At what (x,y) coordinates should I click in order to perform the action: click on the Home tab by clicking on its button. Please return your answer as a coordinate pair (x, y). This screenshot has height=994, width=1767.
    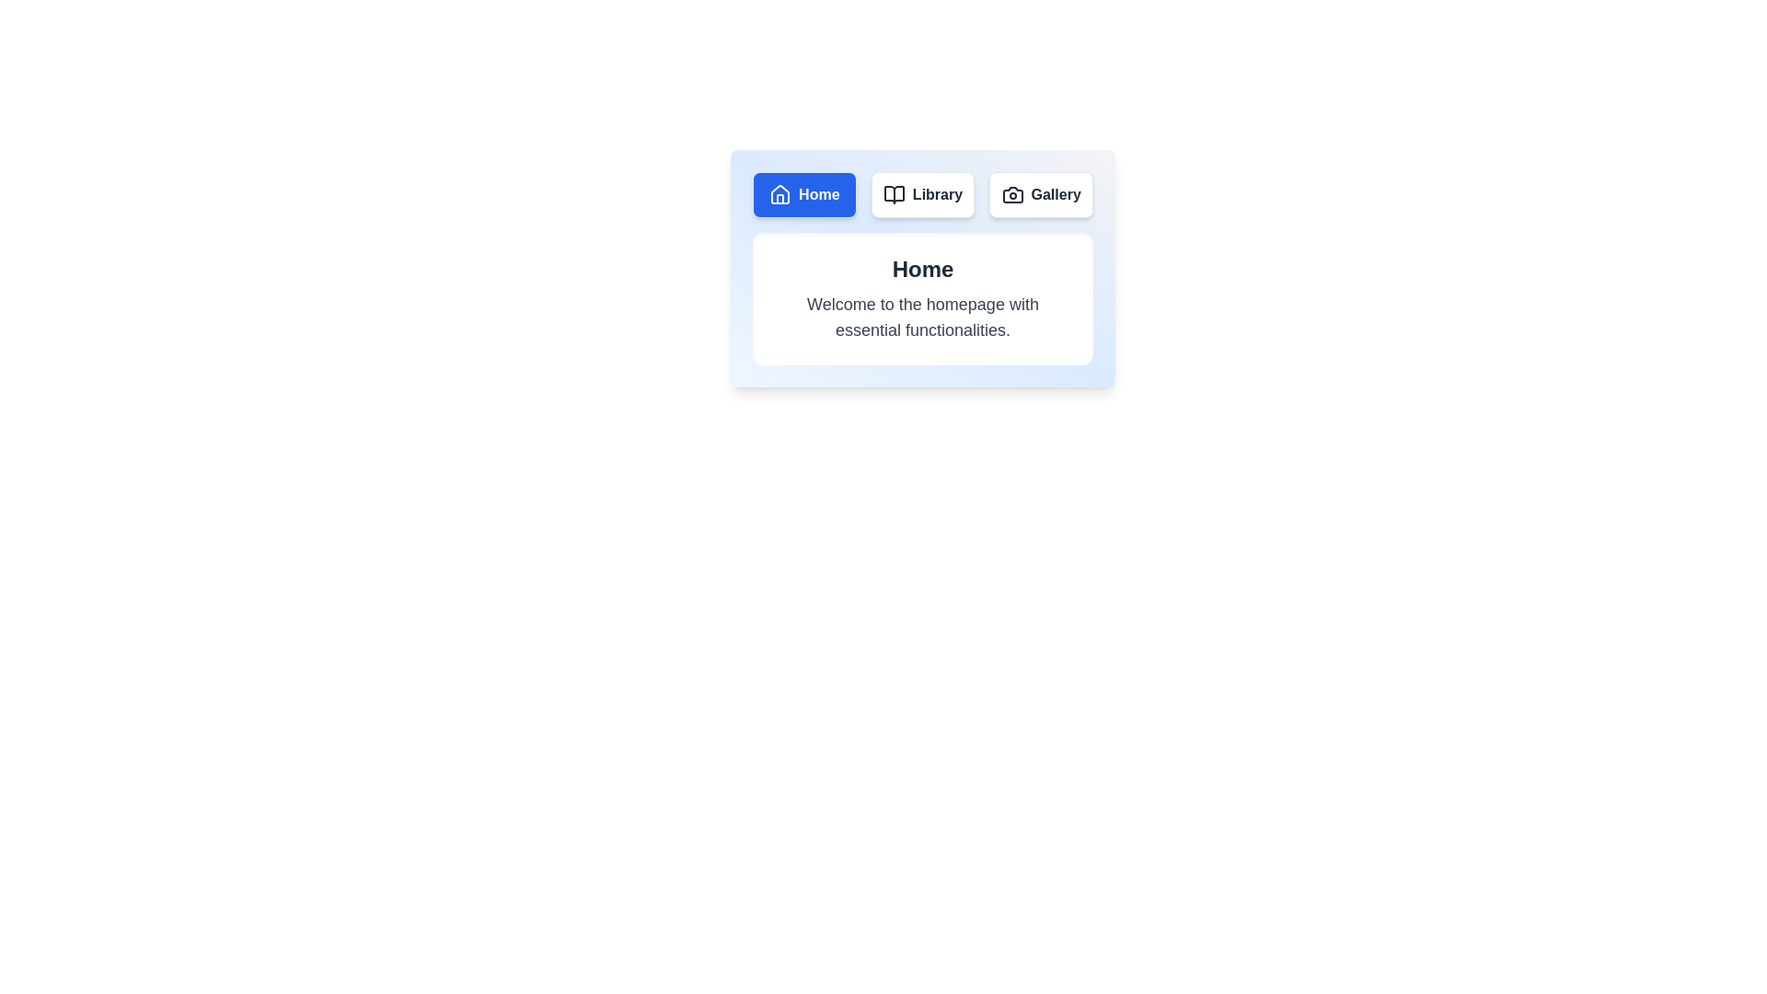
    Looking at the image, I should click on (803, 195).